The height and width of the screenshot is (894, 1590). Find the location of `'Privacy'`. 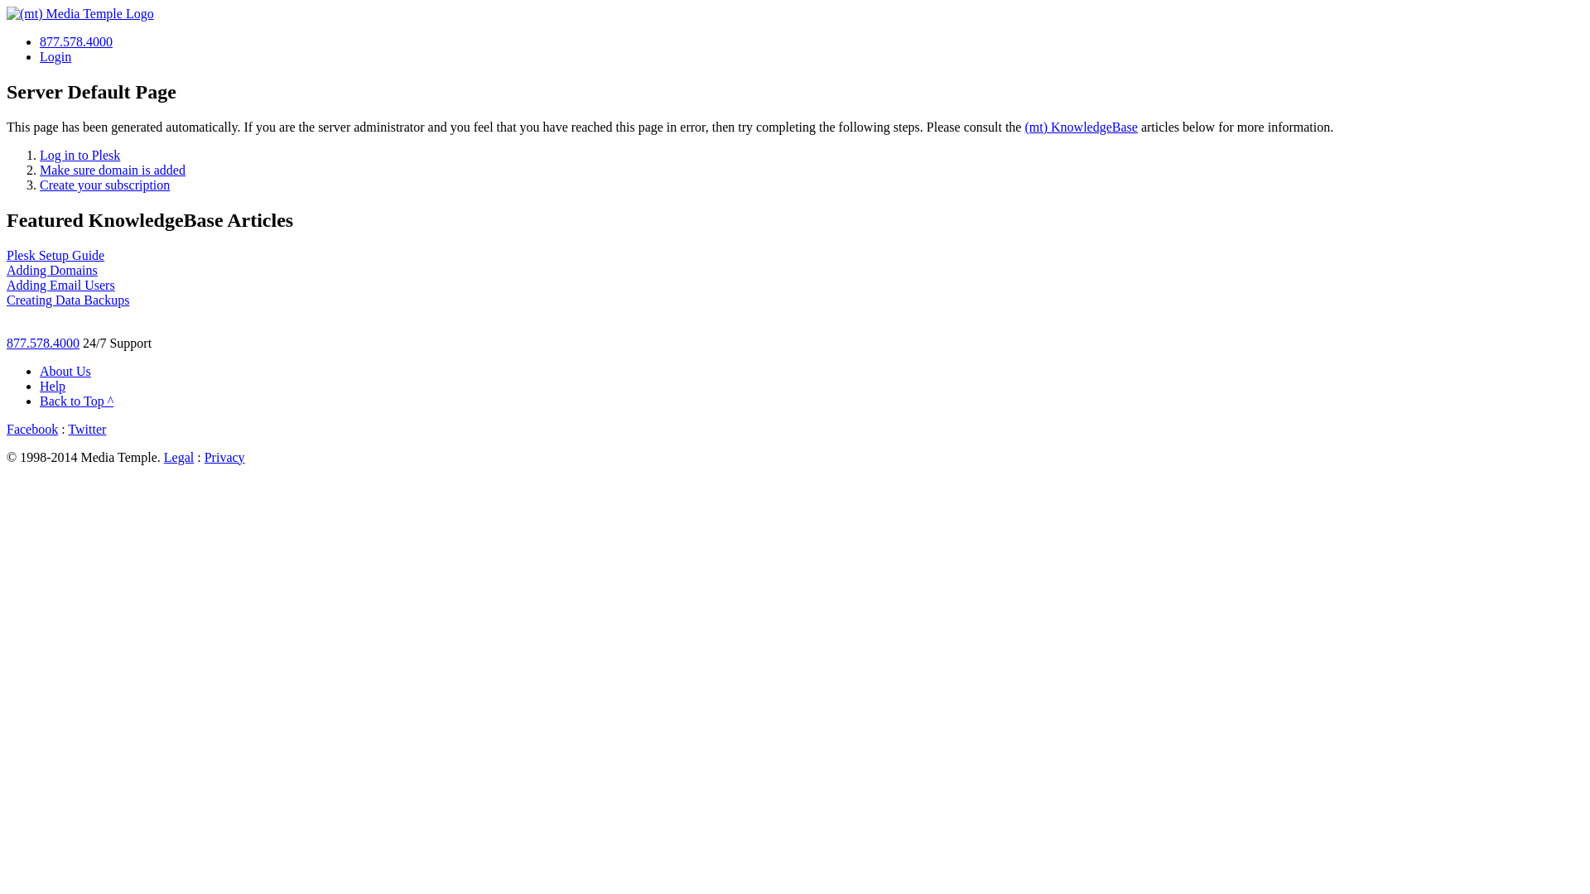

'Privacy' is located at coordinates (203, 457).